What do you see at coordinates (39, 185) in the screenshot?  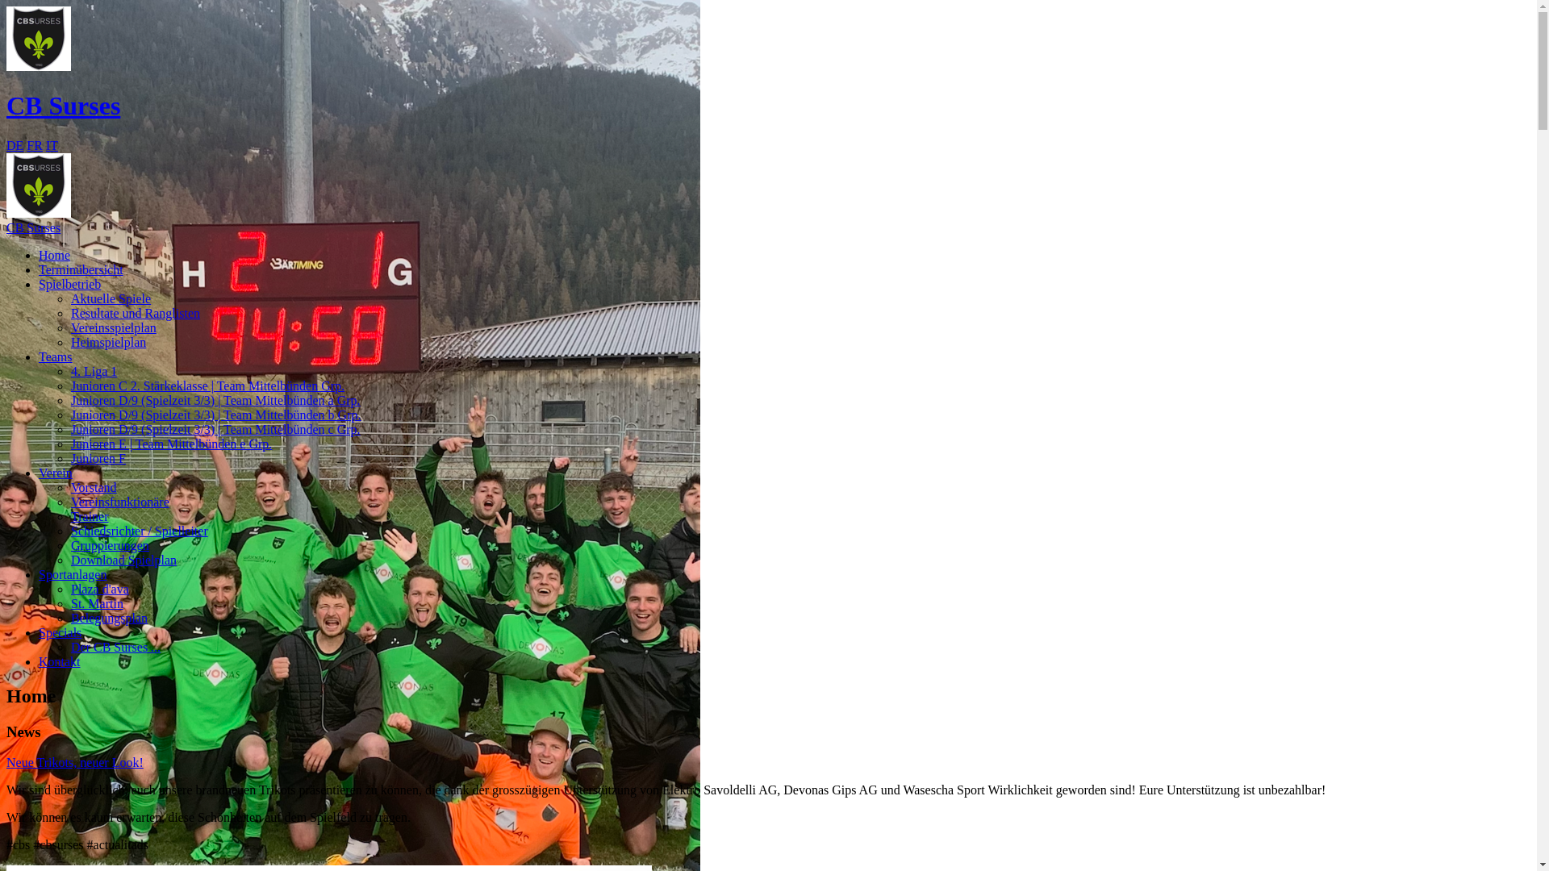 I see `'CB Surses]'` at bounding box center [39, 185].